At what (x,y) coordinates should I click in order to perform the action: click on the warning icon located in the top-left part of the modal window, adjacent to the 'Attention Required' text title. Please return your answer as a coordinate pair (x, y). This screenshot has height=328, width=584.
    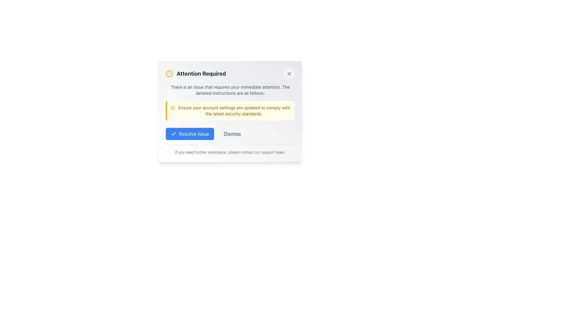
    Looking at the image, I should click on (169, 73).